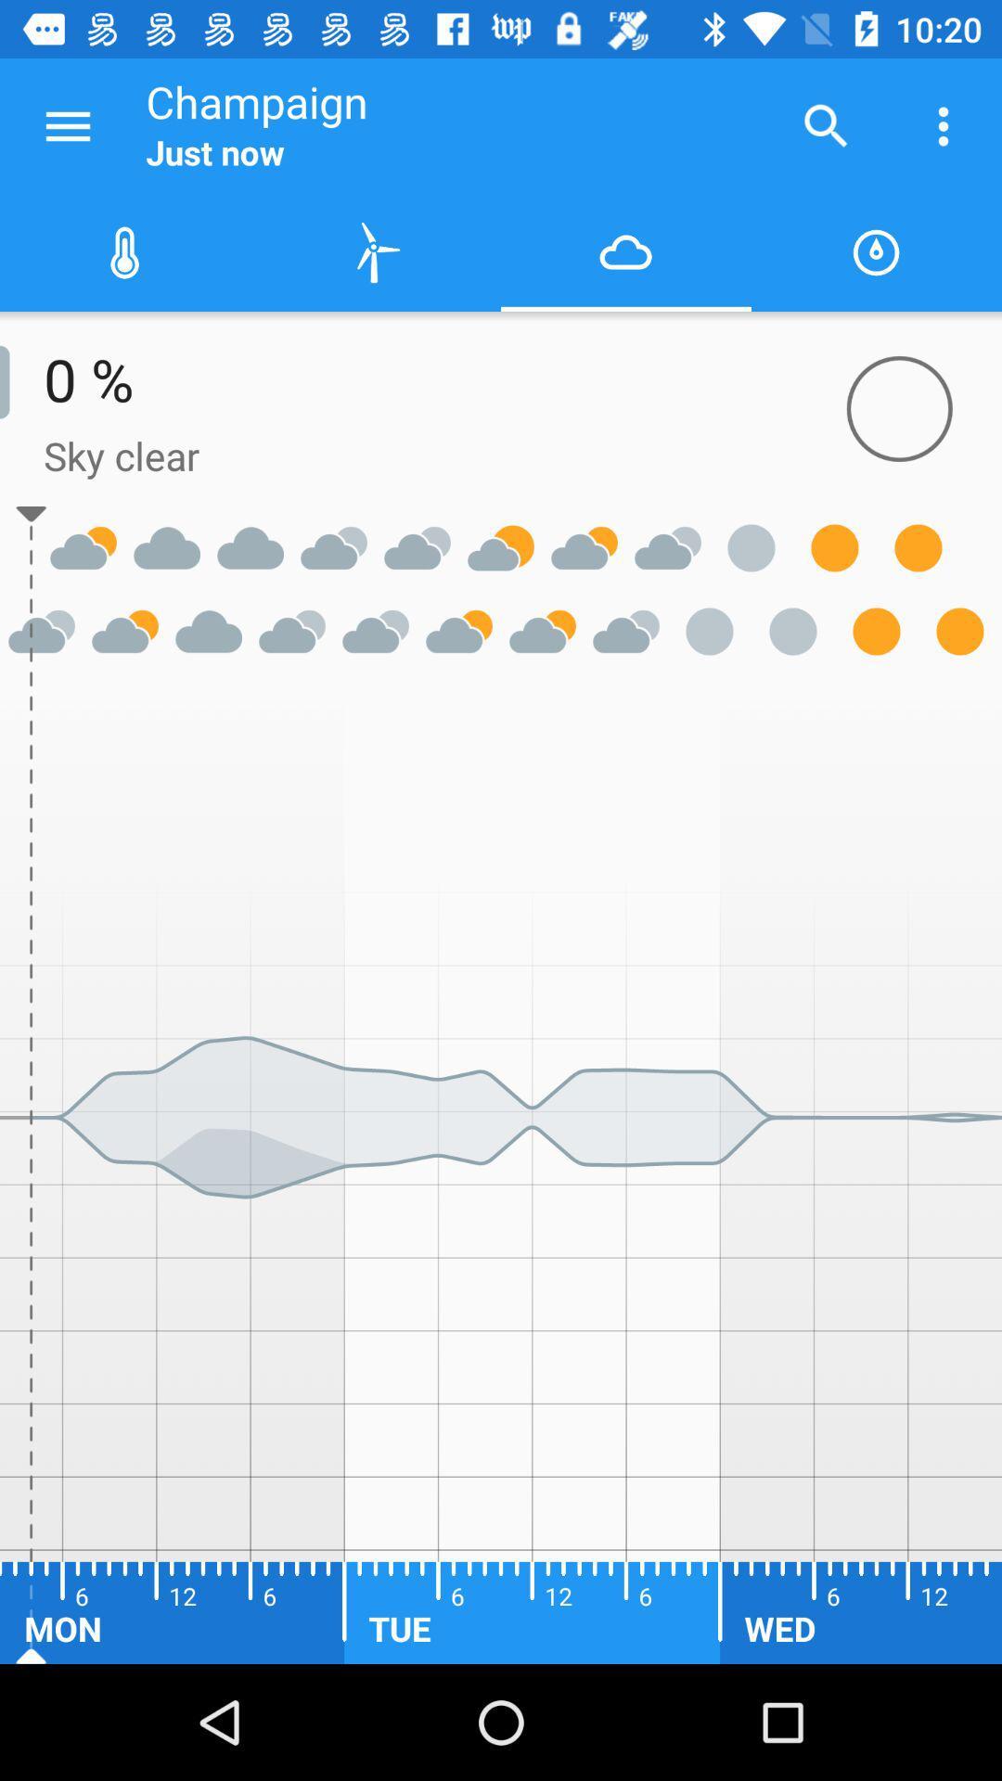 Image resolution: width=1002 pixels, height=1781 pixels. What do you see at coordinates (826, 125) in the screenshot?
I see `icon next to the champaign item` at bounding box center [826, 125].